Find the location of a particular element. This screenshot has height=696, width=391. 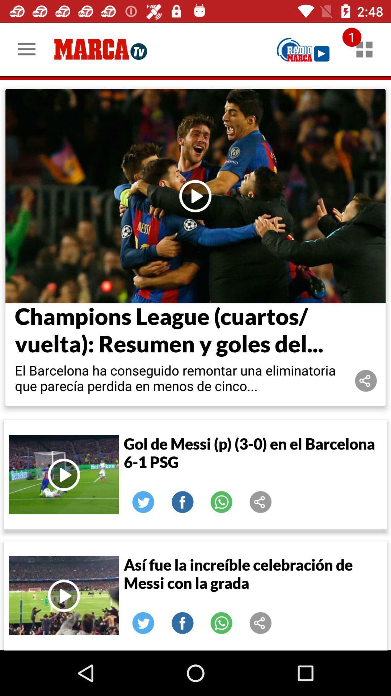

share news on social media is located at coordinates (261, 622).